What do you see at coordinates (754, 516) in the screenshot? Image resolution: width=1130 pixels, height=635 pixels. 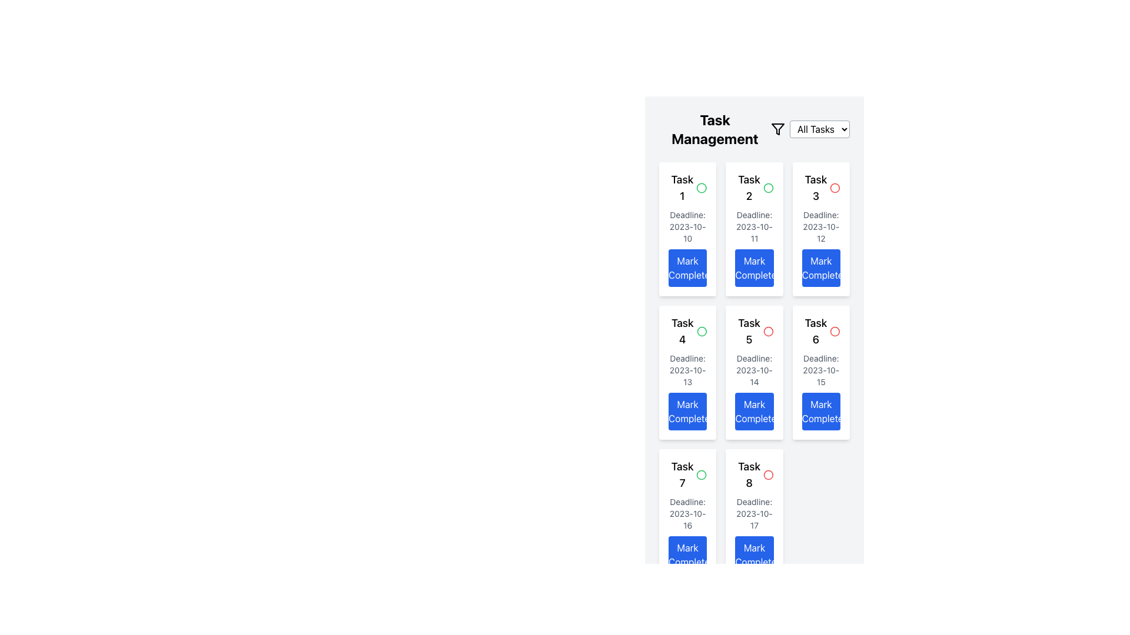 I see `task details from the card titled 'Task 8' located in the bottom-right corner of the task list view` at bounding box center [754, 516].